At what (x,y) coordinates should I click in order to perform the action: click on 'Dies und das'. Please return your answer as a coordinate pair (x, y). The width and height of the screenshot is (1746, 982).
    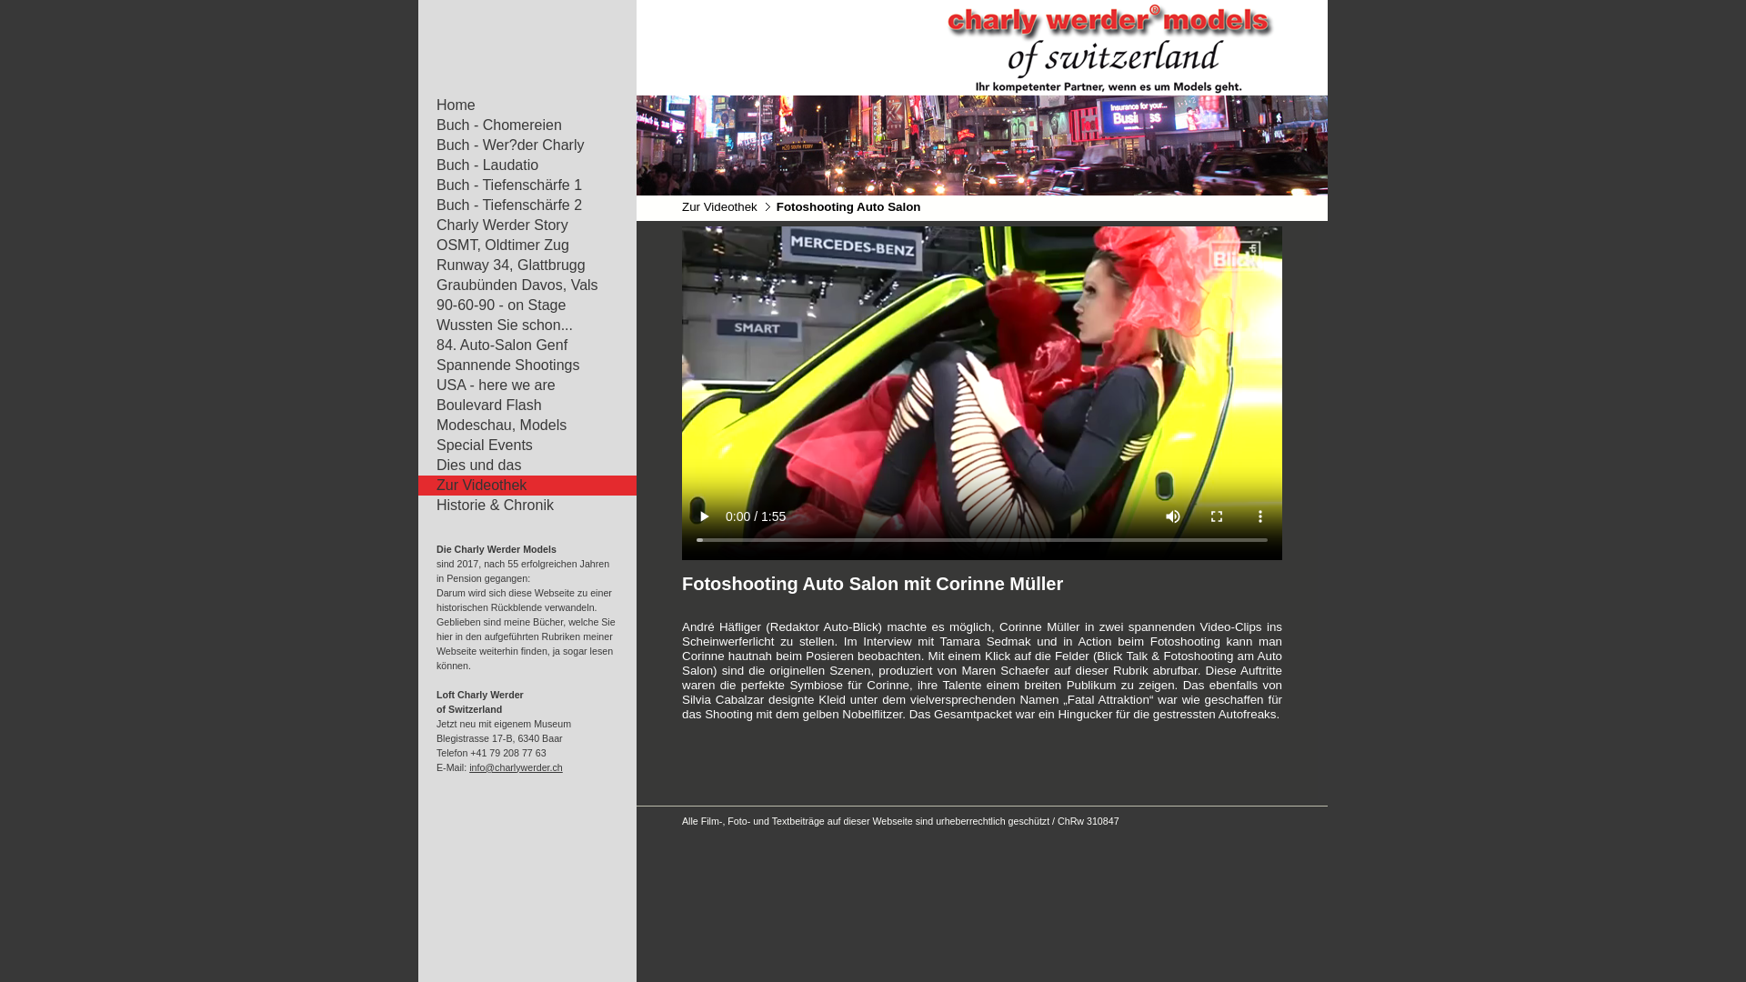
    Looking at the image, I should click on (517, 465).